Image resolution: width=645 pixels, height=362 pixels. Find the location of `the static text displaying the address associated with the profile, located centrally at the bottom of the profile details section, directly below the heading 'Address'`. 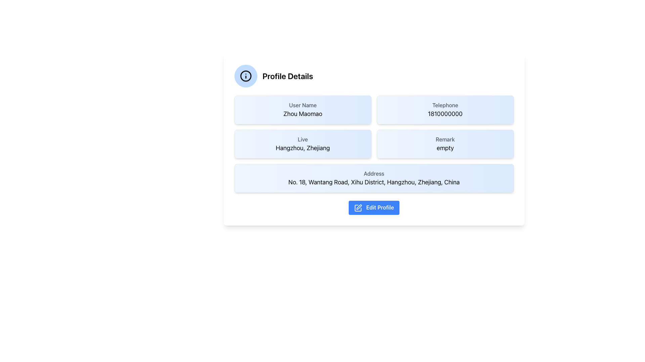

the static text displaying the address associated with the profile, located centrally at the bottom of the profile details section, directly below the heading 'Address' is located at coordinates (374, 182).